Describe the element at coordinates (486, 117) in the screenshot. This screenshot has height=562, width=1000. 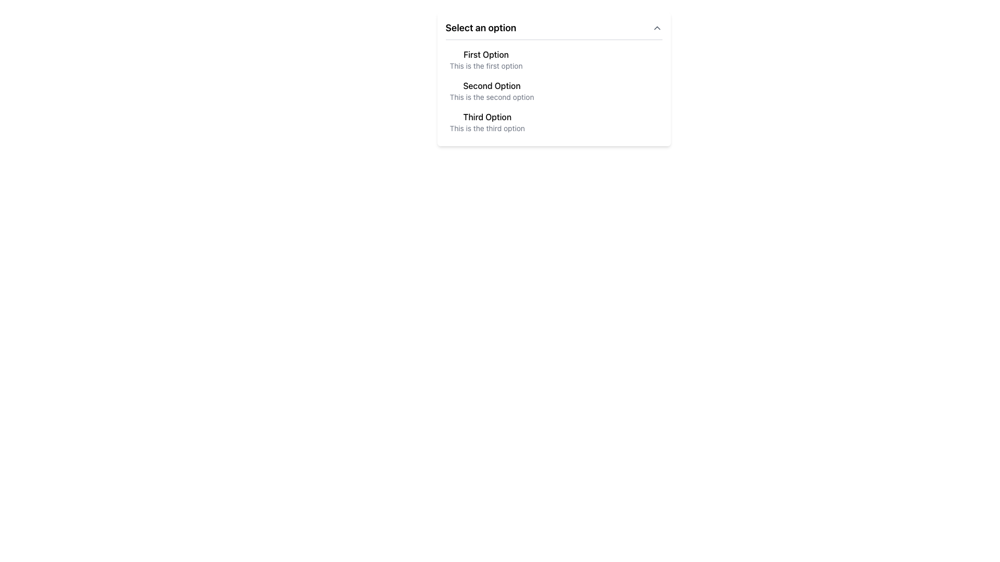
I see `the text label representing the third selectable option in the options menu` at that location.